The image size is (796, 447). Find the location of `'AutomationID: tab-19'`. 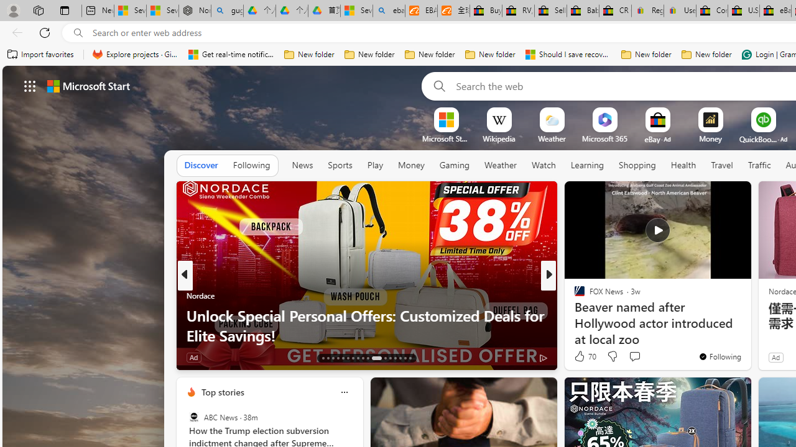

'AutomationID: tab-19' is located at coordinates (352, 358).